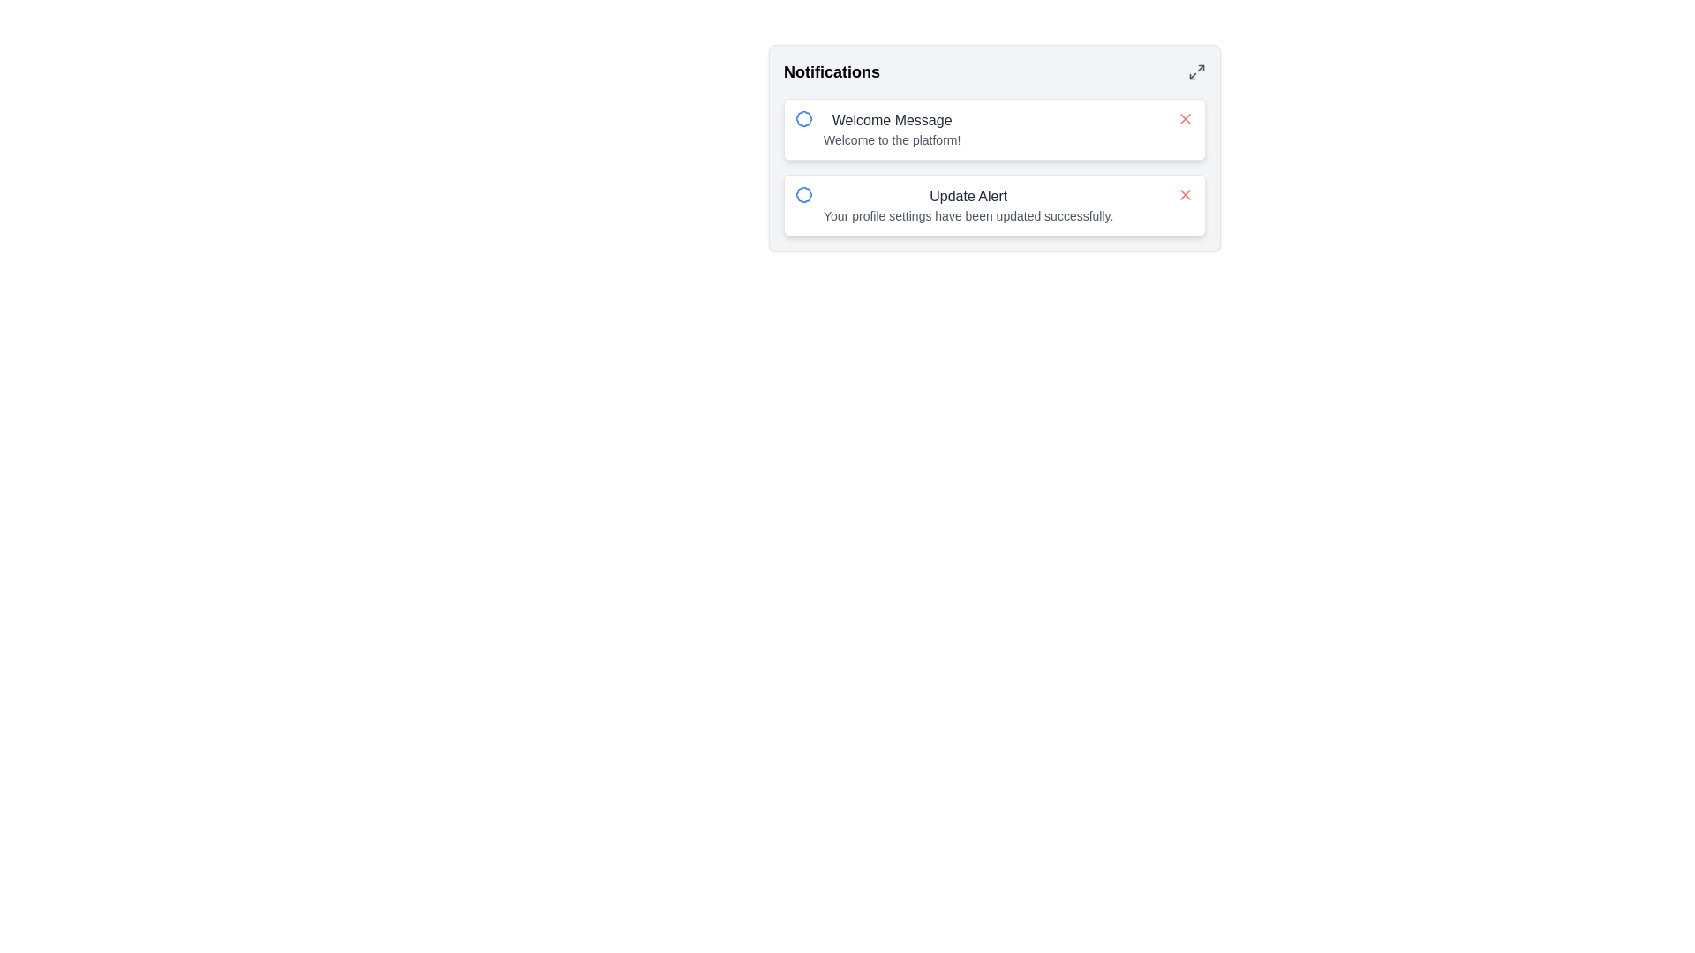 The image size is (1695, 953). Describe the element at coordinates (968, 215) in the screenshot. I see `the text snippet reading 'Your profile settings have been updated successfully.' located below 'Update Alert' in the second notification card of the 'Notifications' section` at that location.